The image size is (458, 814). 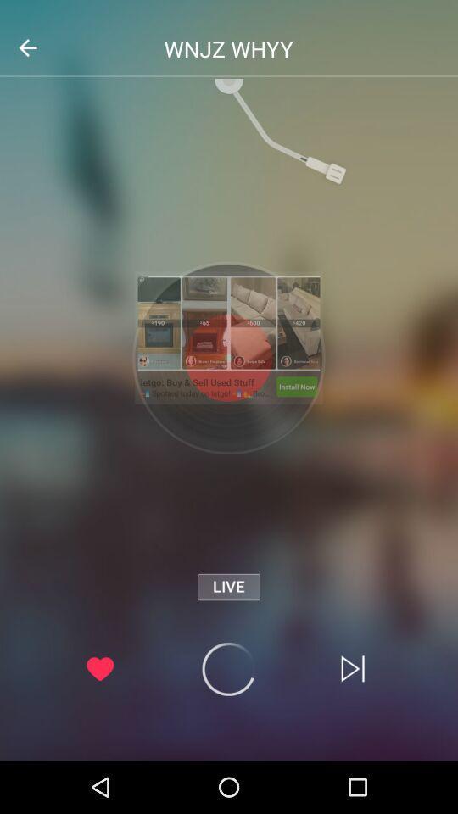 What do you see at coordinates (26, 47) in the screenshot?
I see `the arrow_backward icon` at bounding box center [26, 47].